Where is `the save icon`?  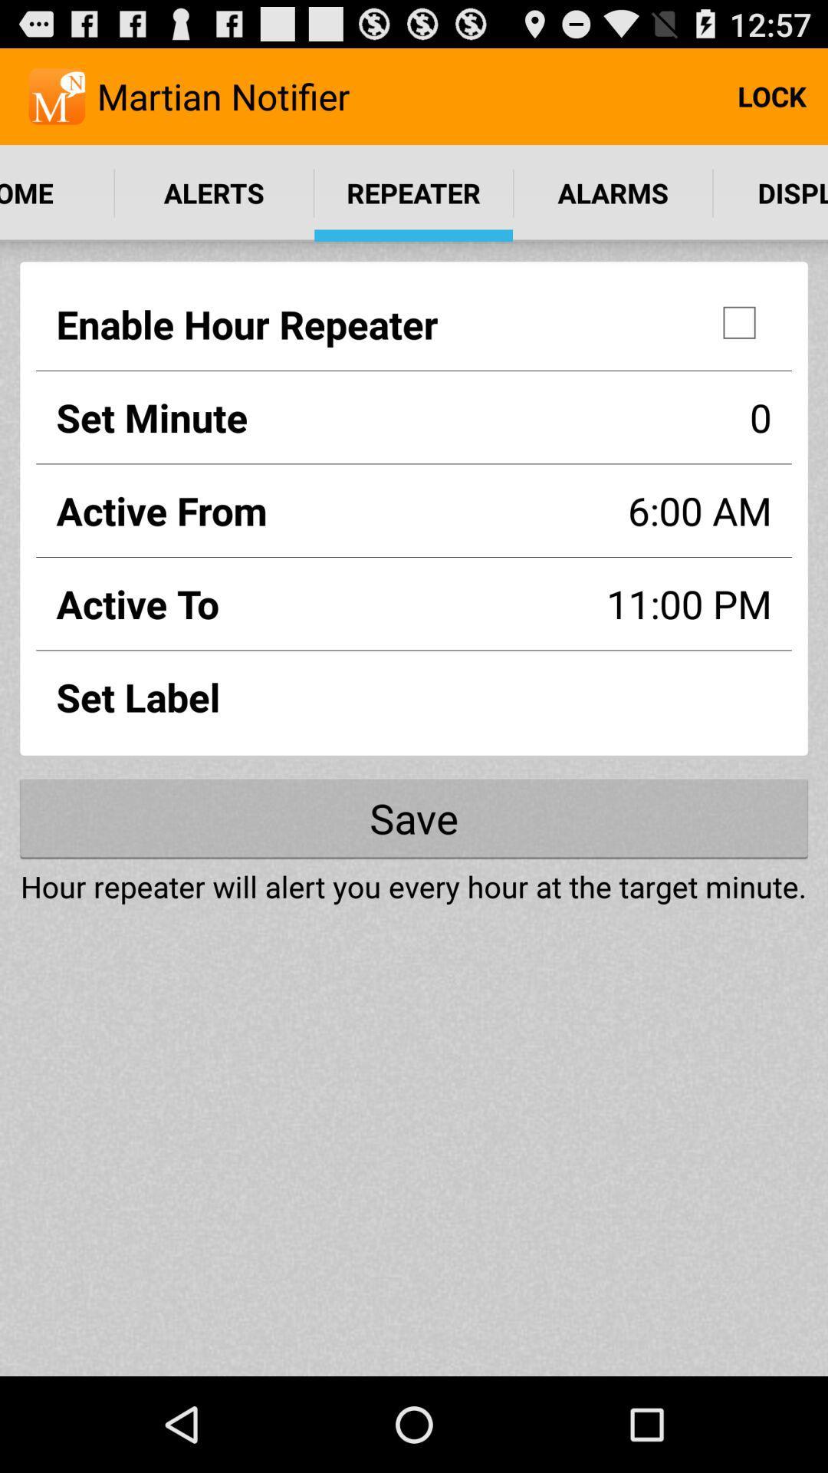 the save icon is located at coordinates (414, 817).